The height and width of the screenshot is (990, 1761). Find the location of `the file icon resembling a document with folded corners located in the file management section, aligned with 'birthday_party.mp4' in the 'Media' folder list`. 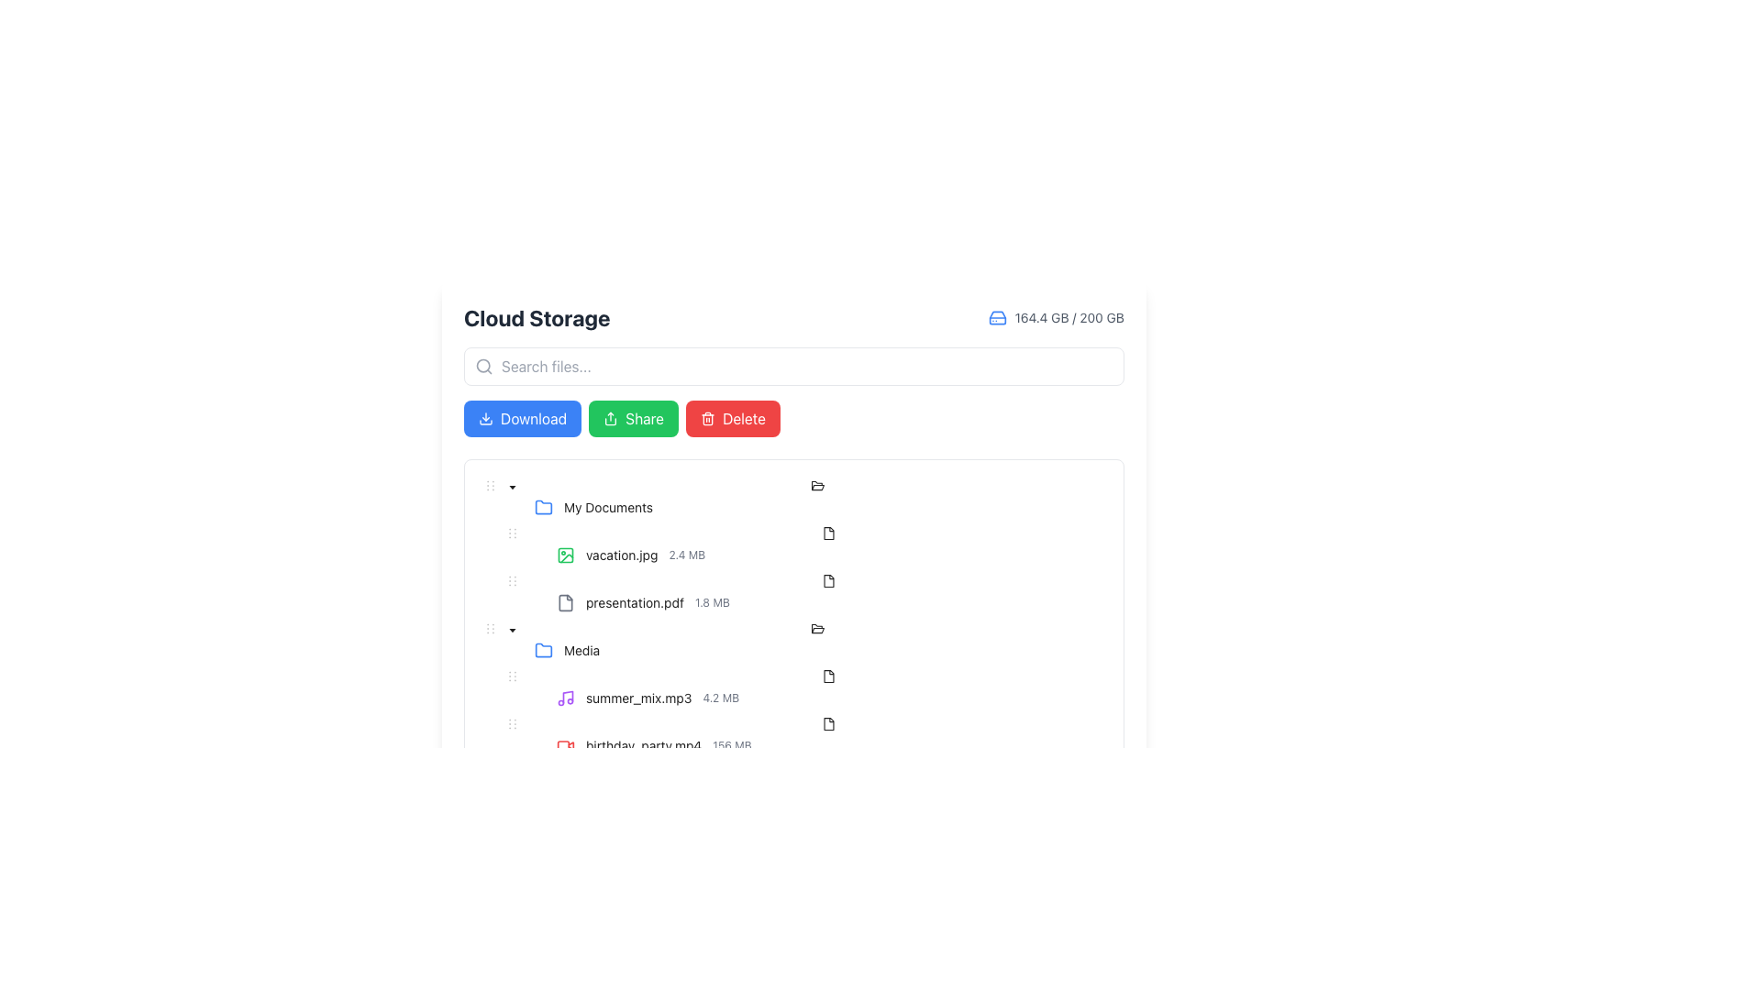

the file icon resembling a document with folded corners located in the file management section, aligned with 'birthday_party.mp4' in the 'Media' folder list is located at coordinates (827, 675).